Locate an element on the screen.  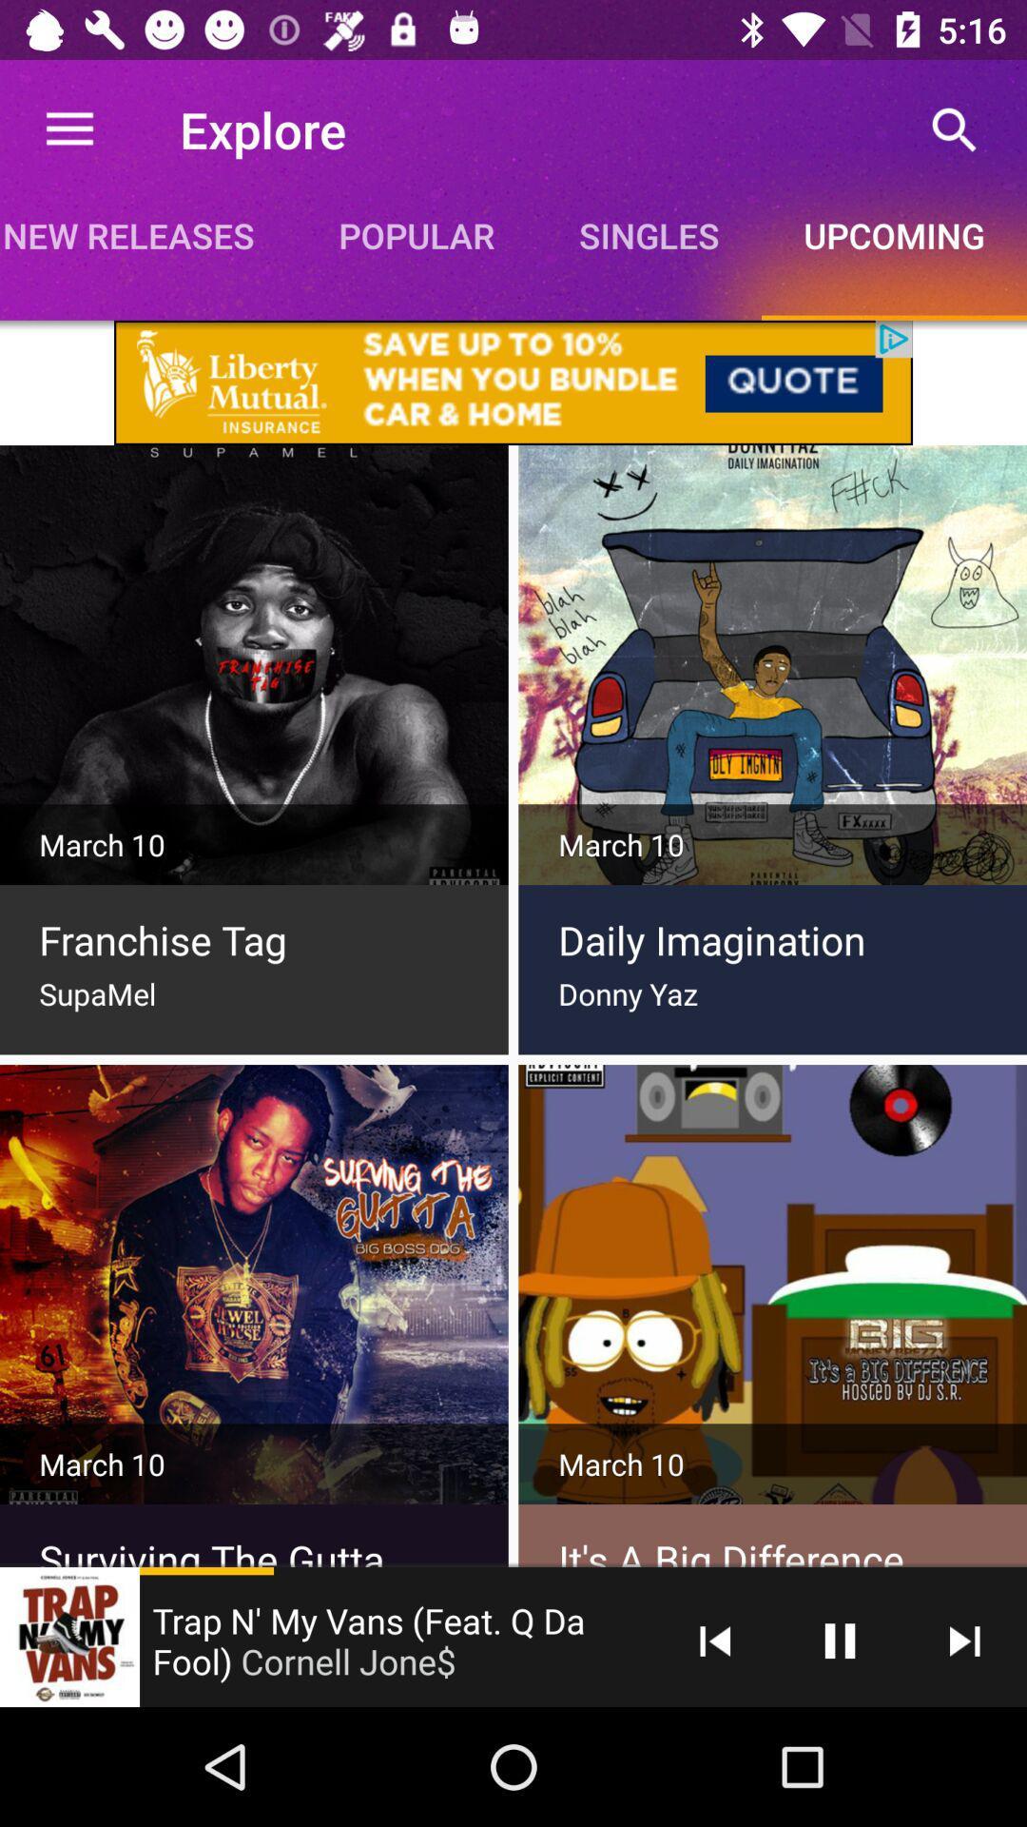
the popular item is located at coordinates (416, 234).